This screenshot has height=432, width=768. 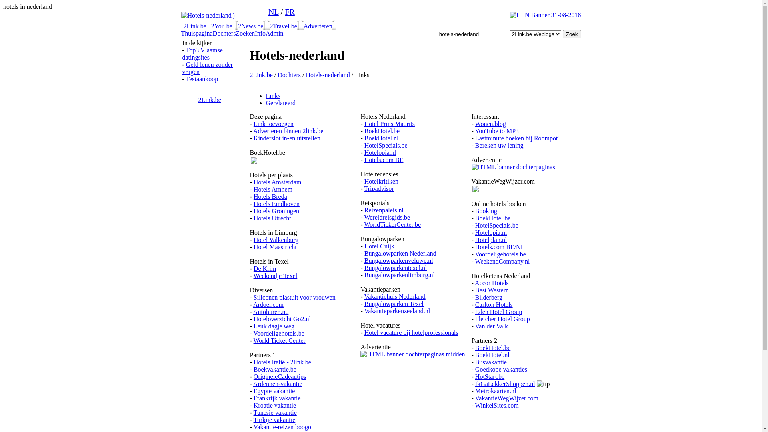 I want to click on 'Gerelateerd', so click(x=280, y=102).